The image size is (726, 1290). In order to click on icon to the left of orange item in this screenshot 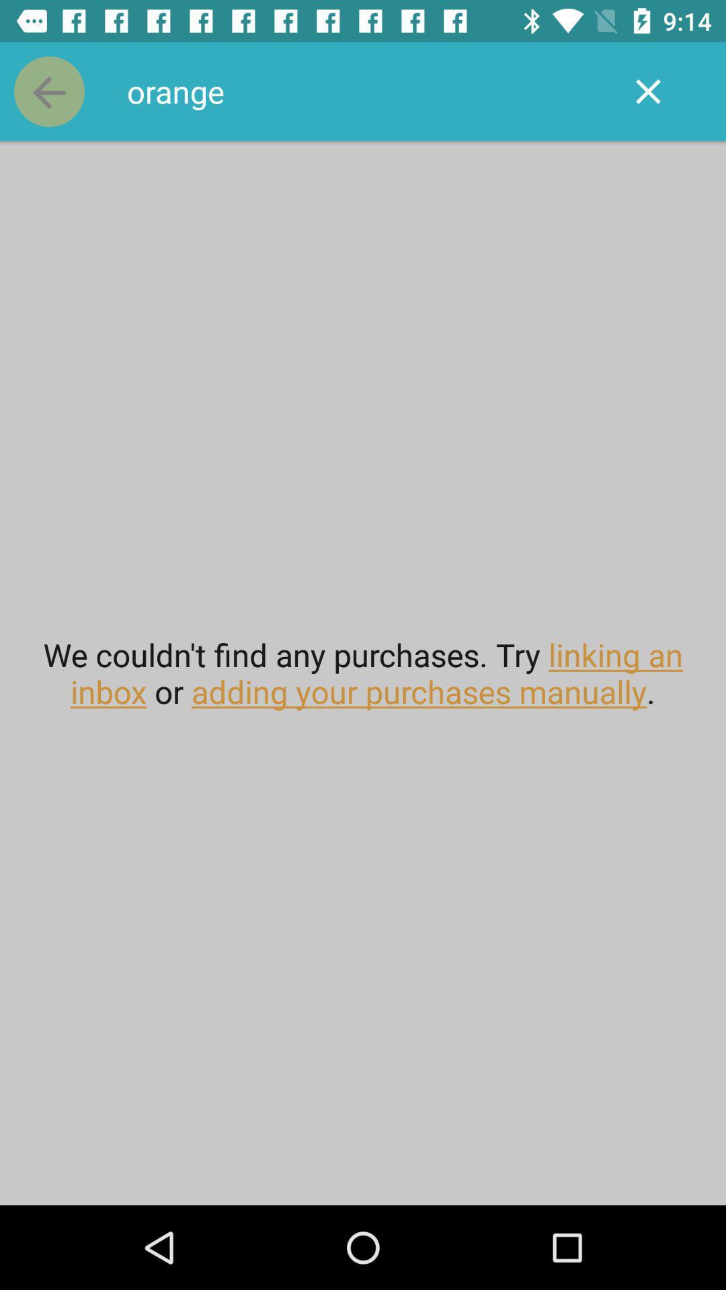, I will do `click(48, 91)`.